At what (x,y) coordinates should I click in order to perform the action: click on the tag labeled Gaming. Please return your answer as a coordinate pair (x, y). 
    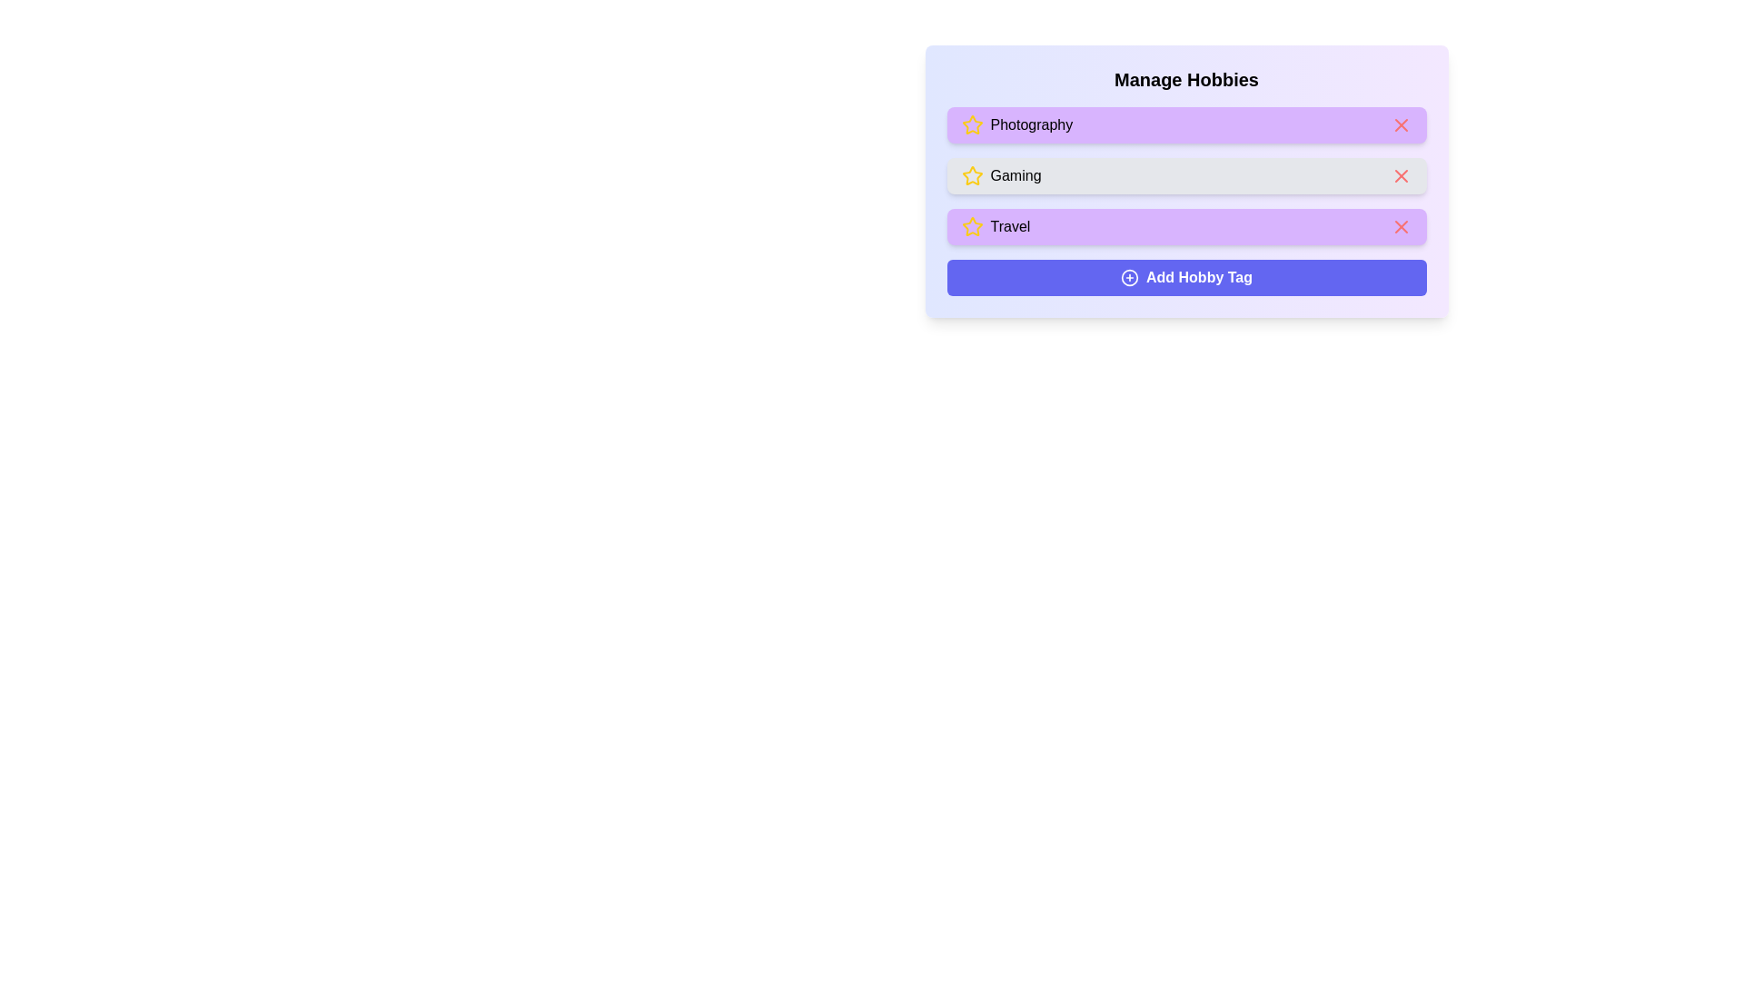
    Looking at the image, I should click on (1186, 175).